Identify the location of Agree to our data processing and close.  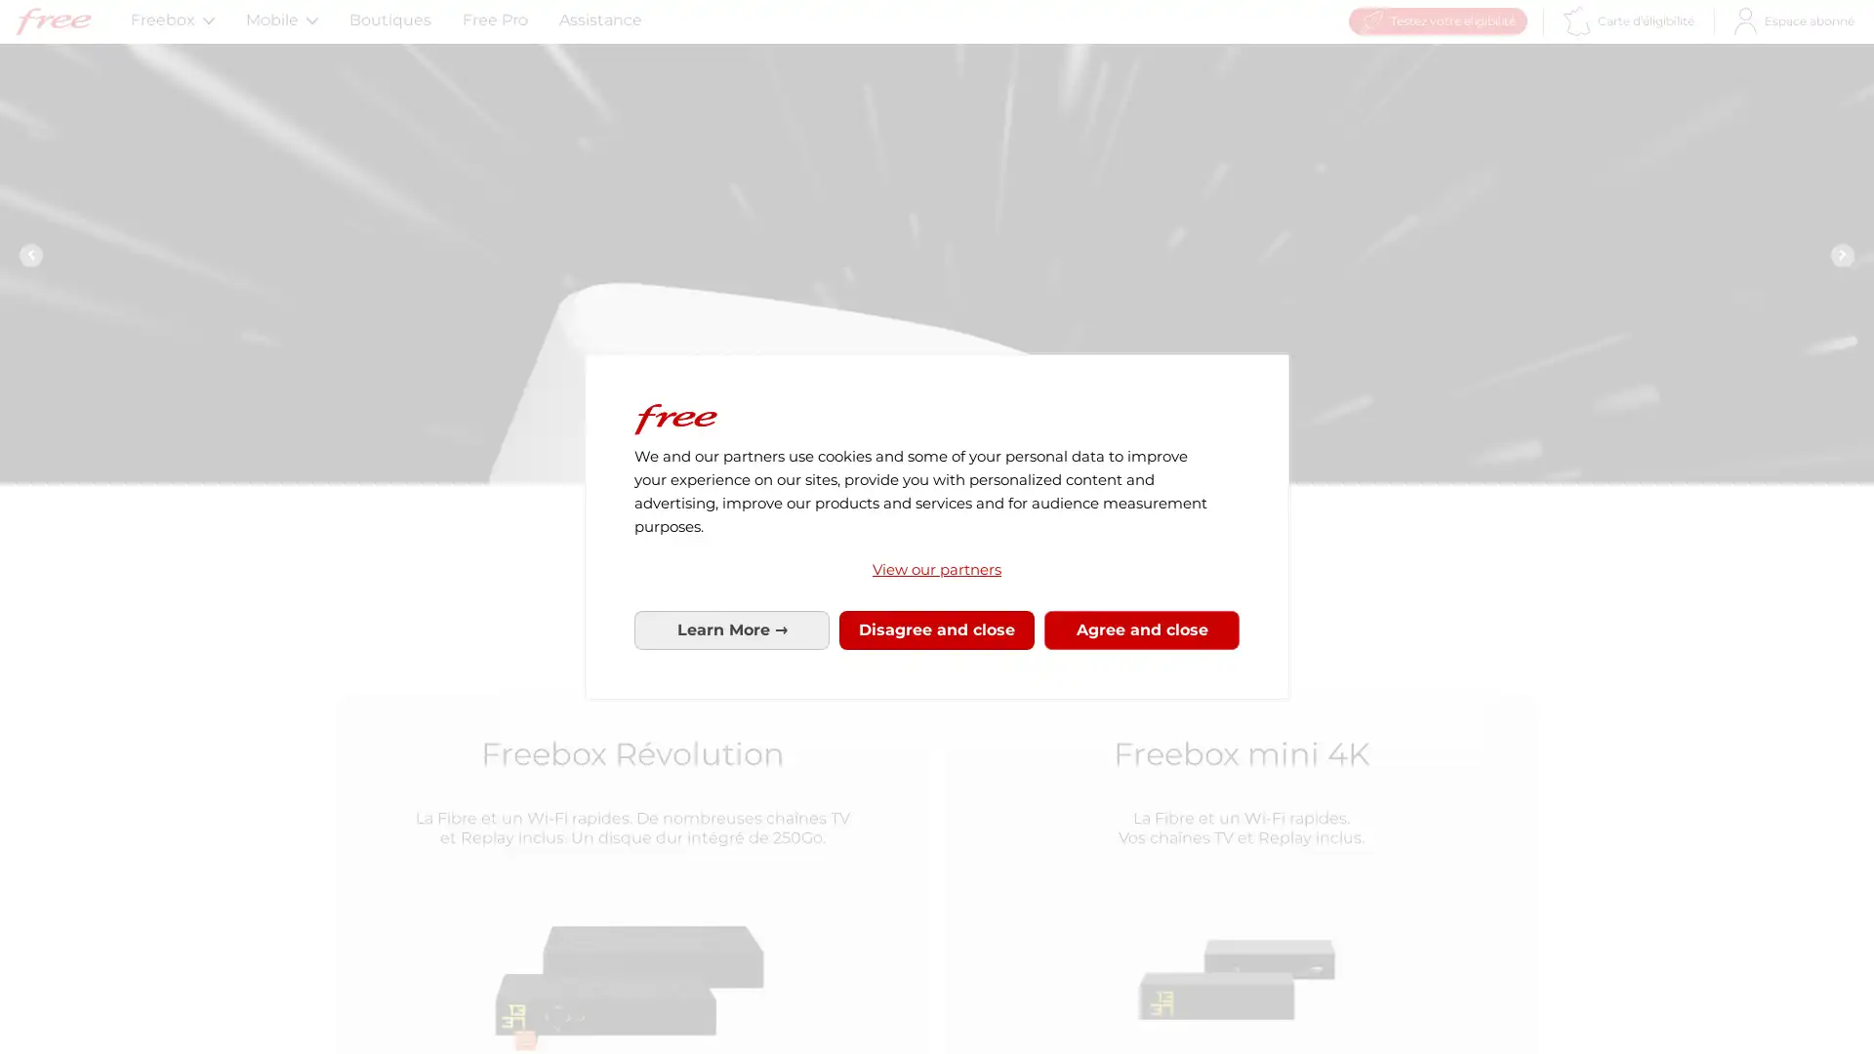
(1142, 629).